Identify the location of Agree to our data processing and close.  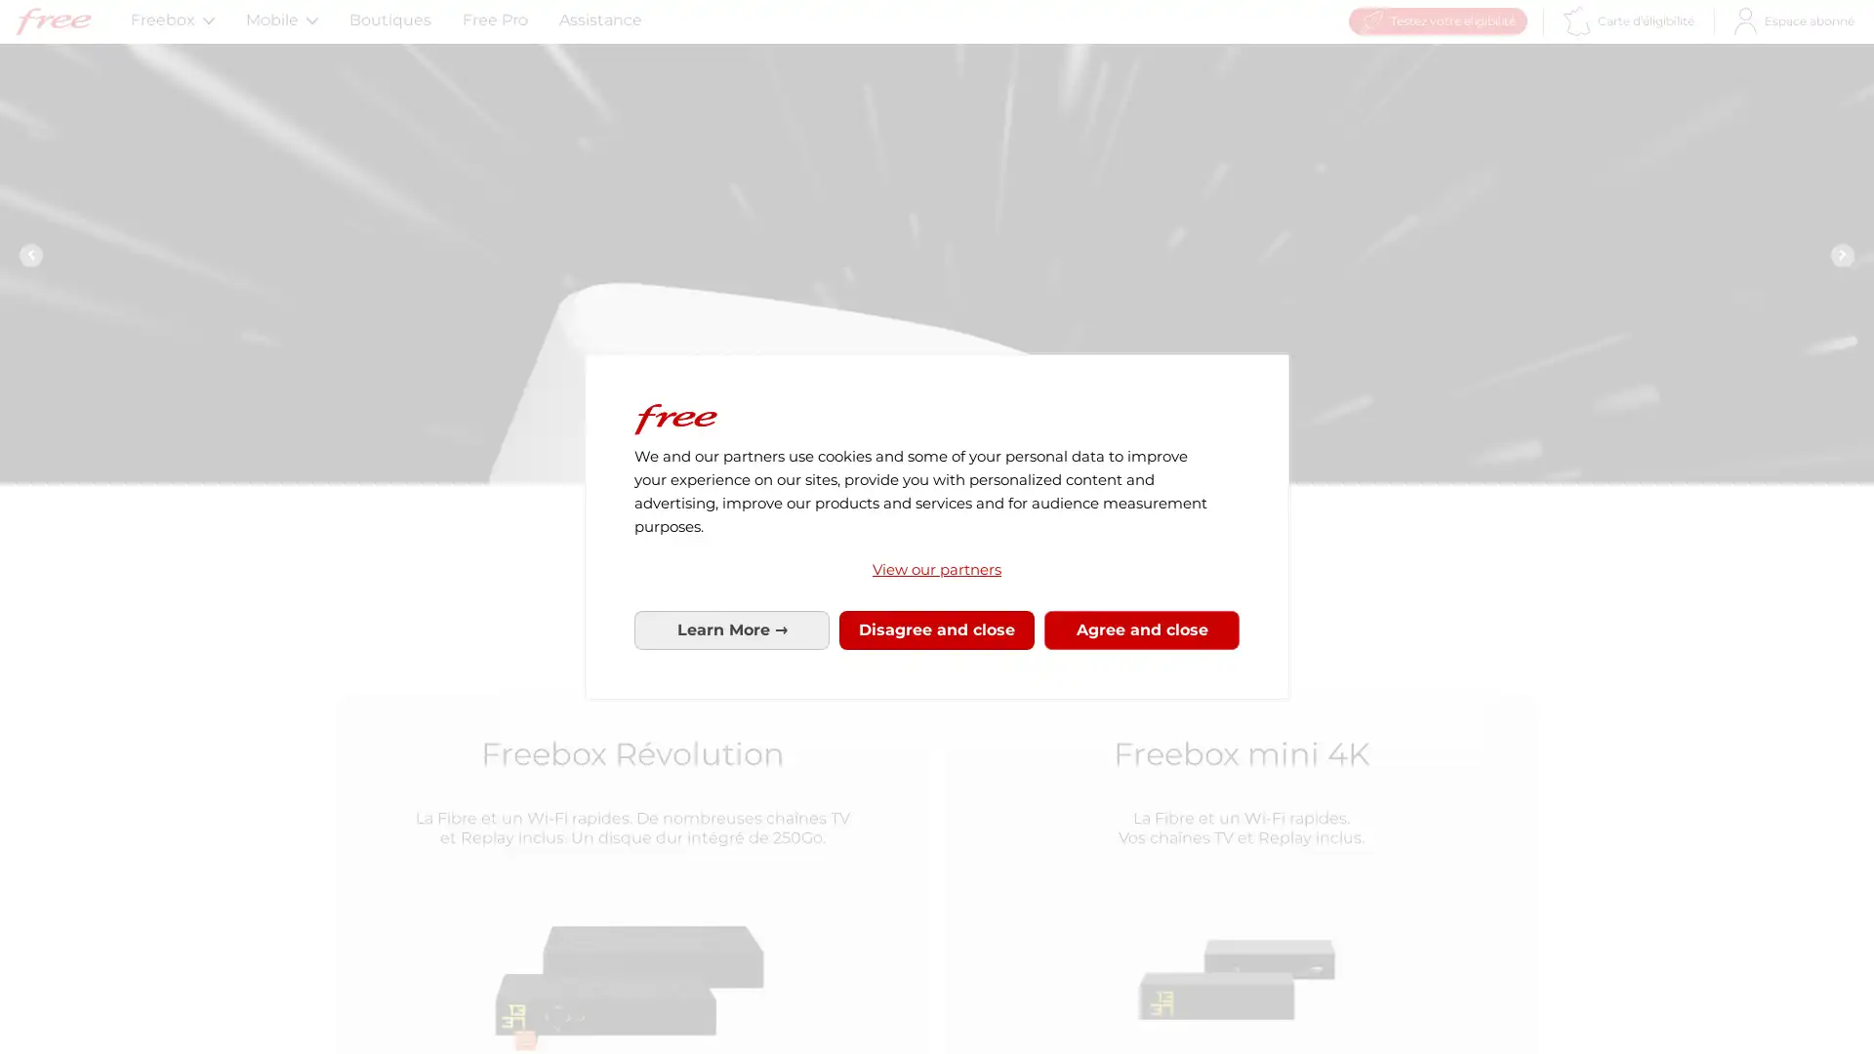
(1142, 629).